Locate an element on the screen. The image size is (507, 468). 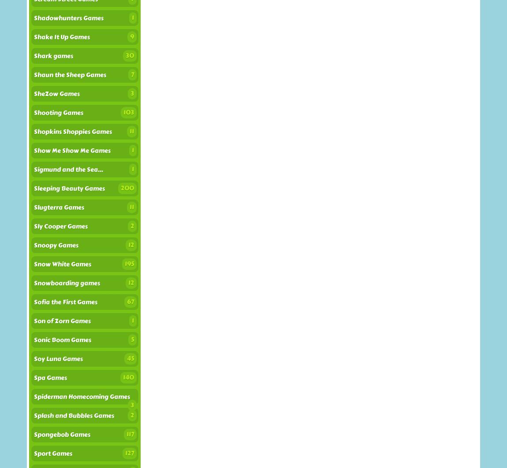
'200' is located at coordinates (127, 188).